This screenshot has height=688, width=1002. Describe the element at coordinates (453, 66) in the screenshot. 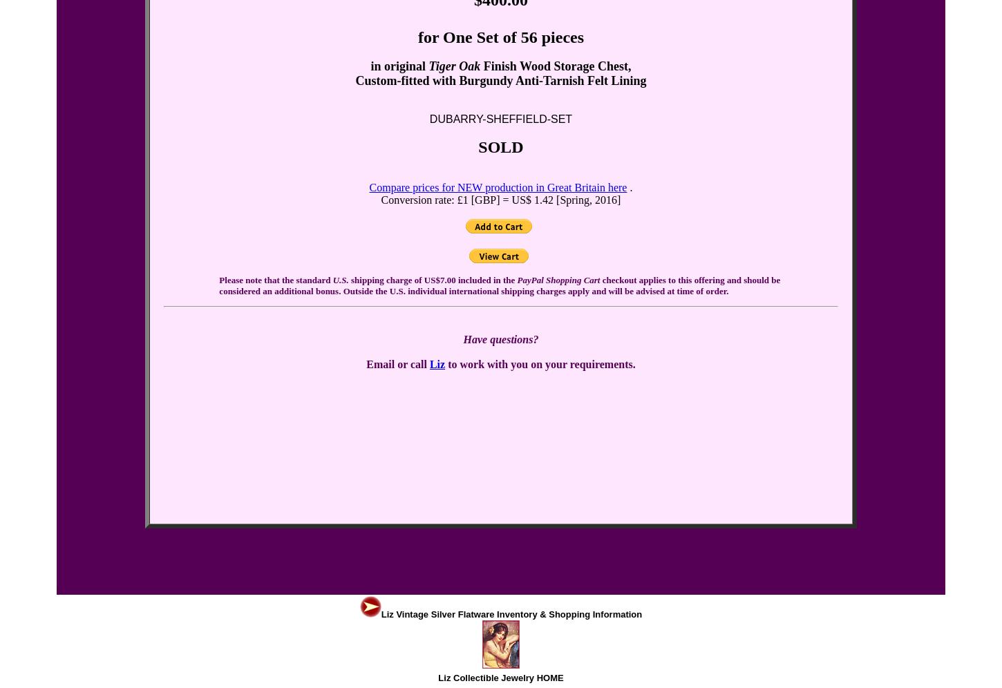

I see `'Tiger Oak'` at that location.